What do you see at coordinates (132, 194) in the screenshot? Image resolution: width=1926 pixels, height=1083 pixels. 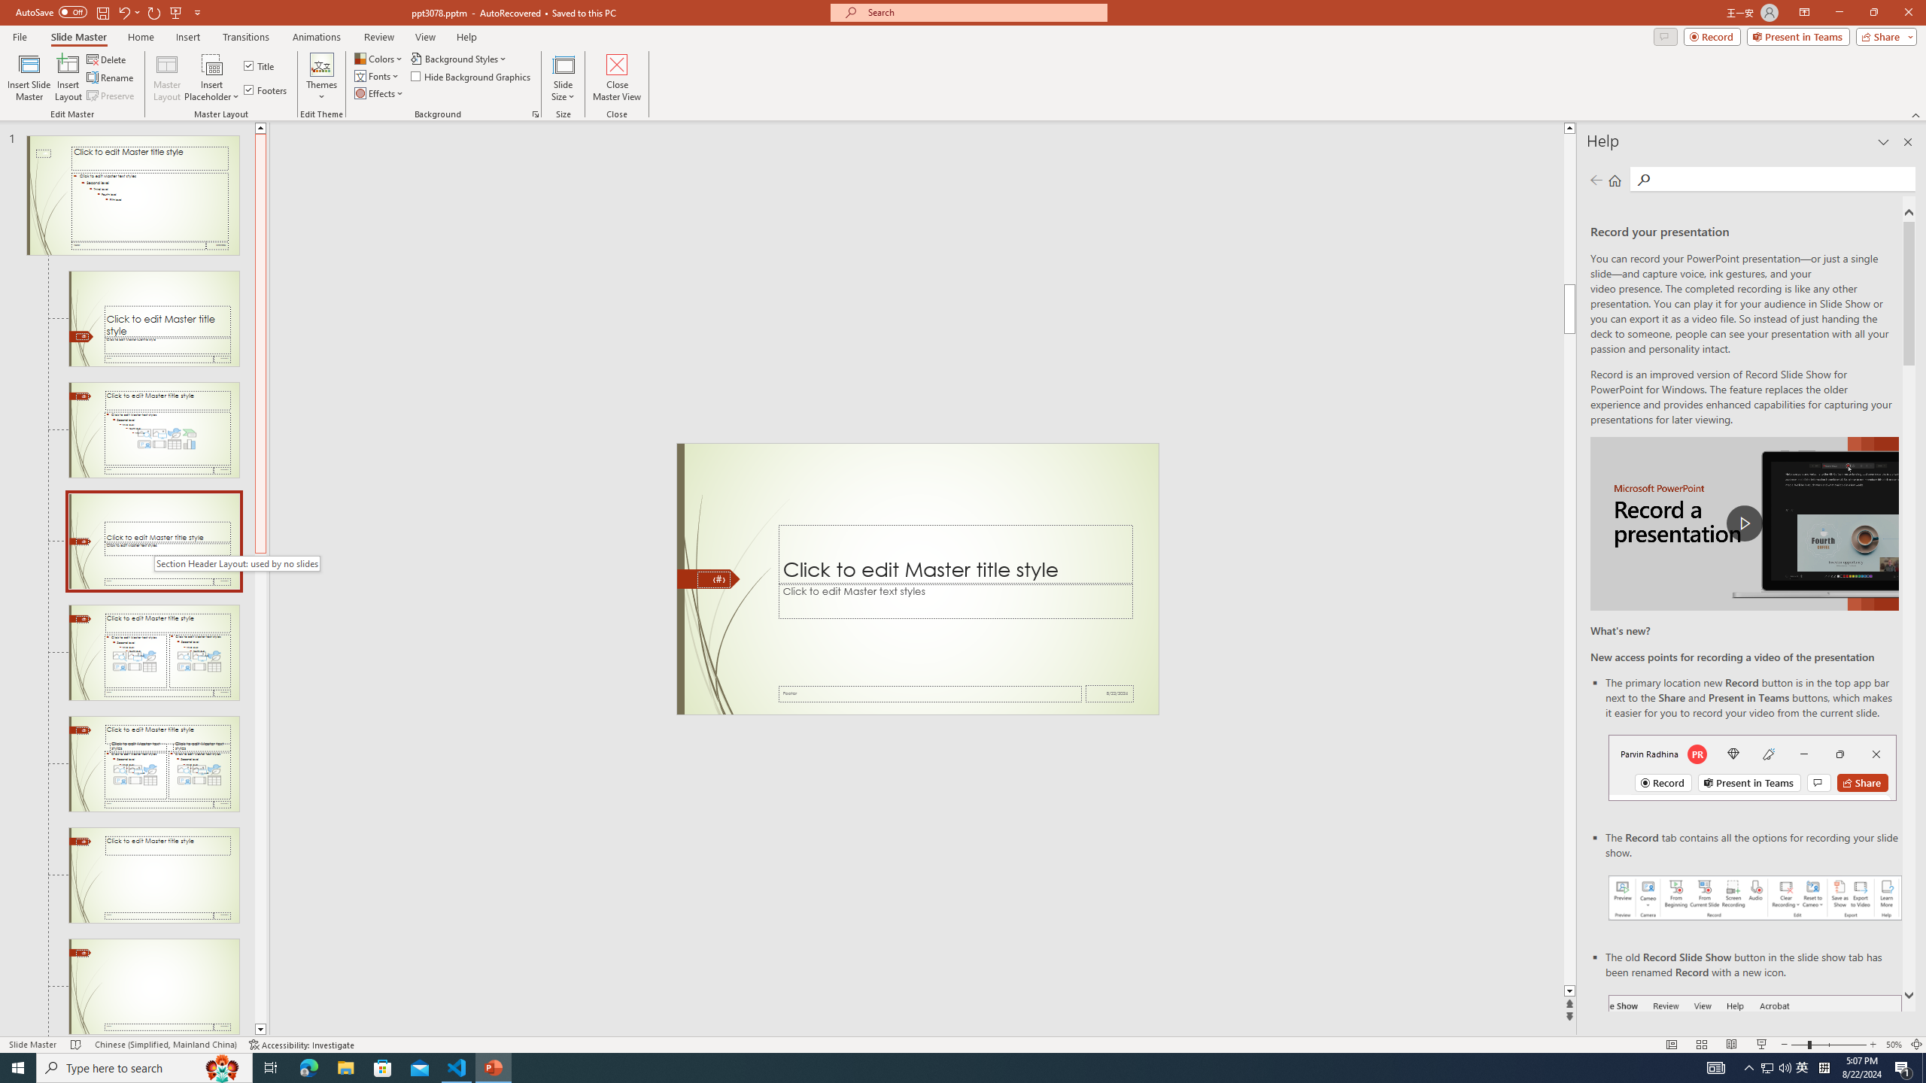 I see `'Slide Wisp Slide Master: used by slide(s) 1'` at bounding box center [132, 194].